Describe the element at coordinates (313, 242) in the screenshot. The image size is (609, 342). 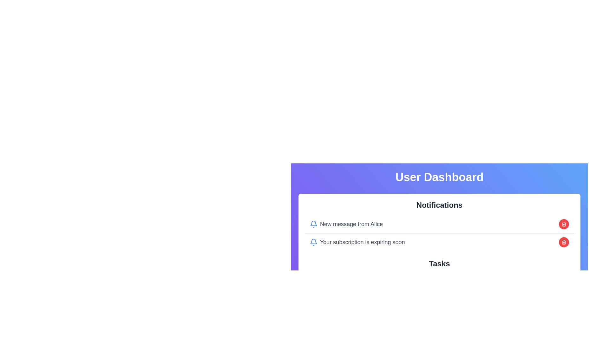
I see `the blue bell icon located to the left of the text 'Your subscription is expiring soon'` at that location.